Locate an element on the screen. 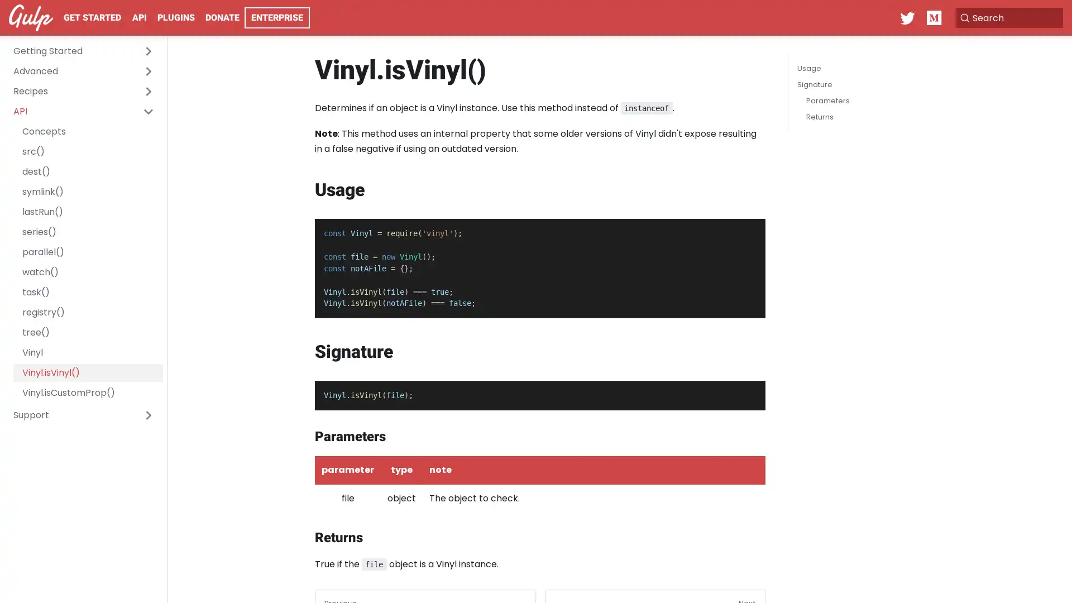 The height and width of the screenshot is (603, 1072). Copy code to clipboard is located at coordinates (747, 230).